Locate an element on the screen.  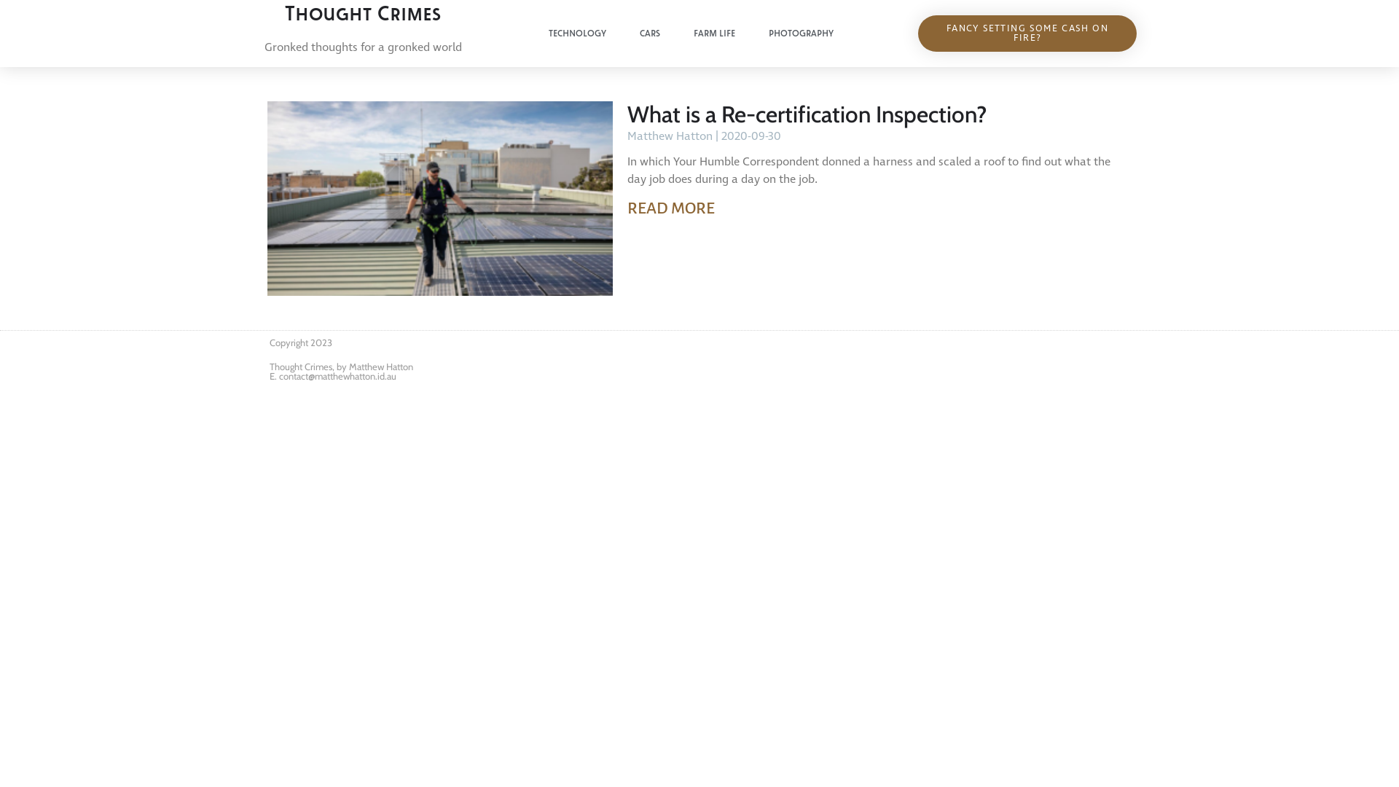
'READ MORE' is located at coordinates (670, 208).